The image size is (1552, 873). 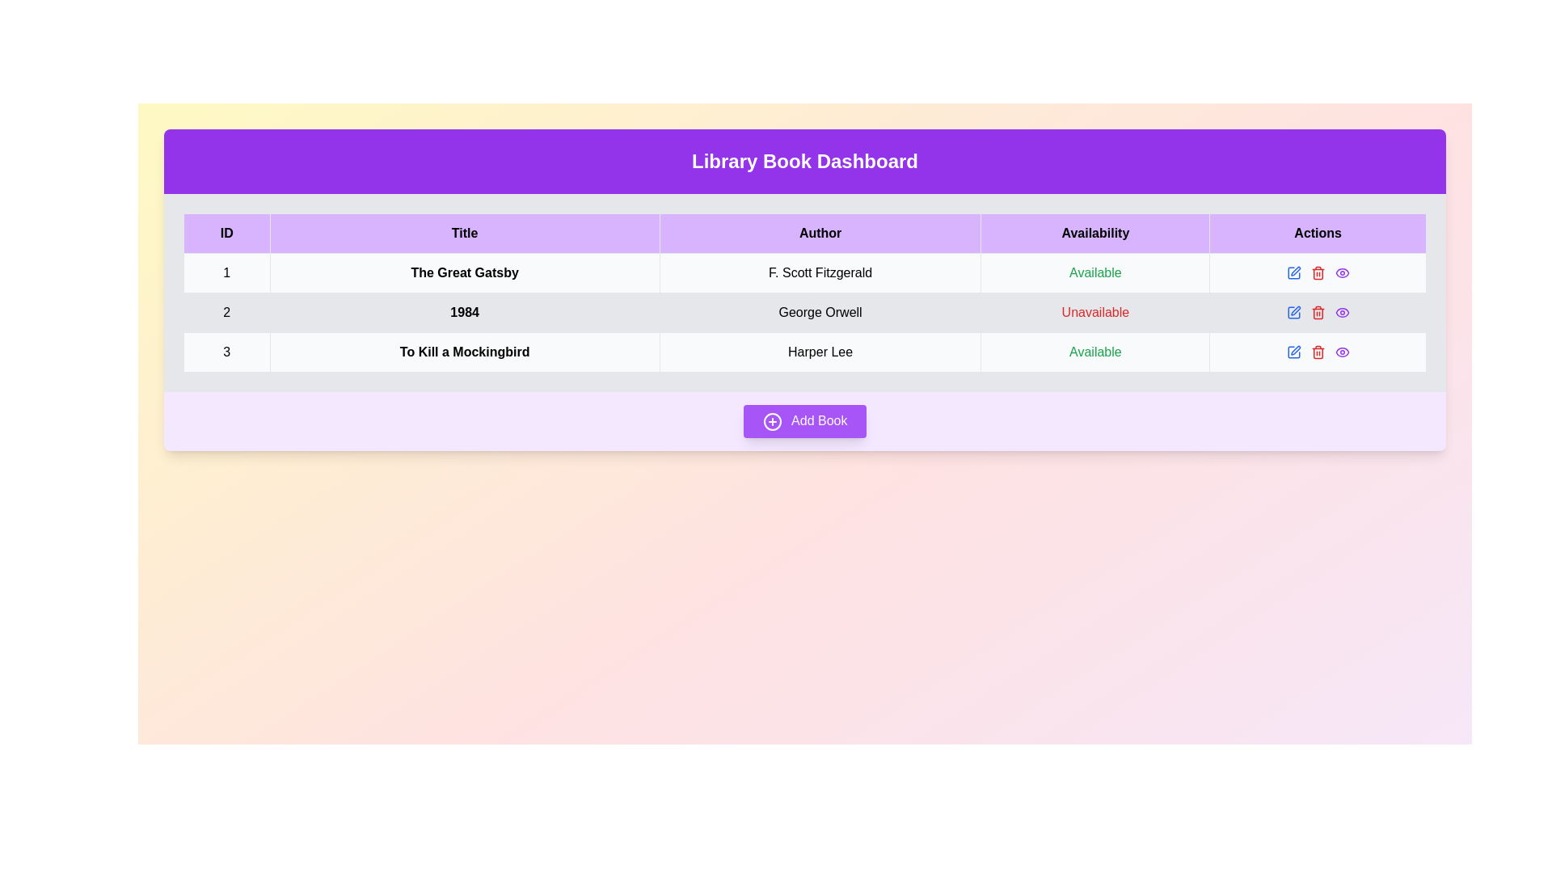 What do you see at coordinates (1342, 351) in the screenshot?
I see `the fourth action icon button rendered as a purple eye icon in the last row of the actions column` at bounding box center [1342, 351].